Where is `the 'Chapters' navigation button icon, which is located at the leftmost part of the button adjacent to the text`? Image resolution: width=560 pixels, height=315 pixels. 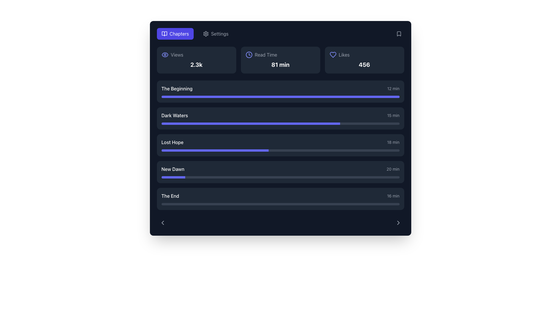 the 'Chapters' navigation button icon, which is located at the leftmost part of the button adjacent to the text is located at coordinates (164, 34).